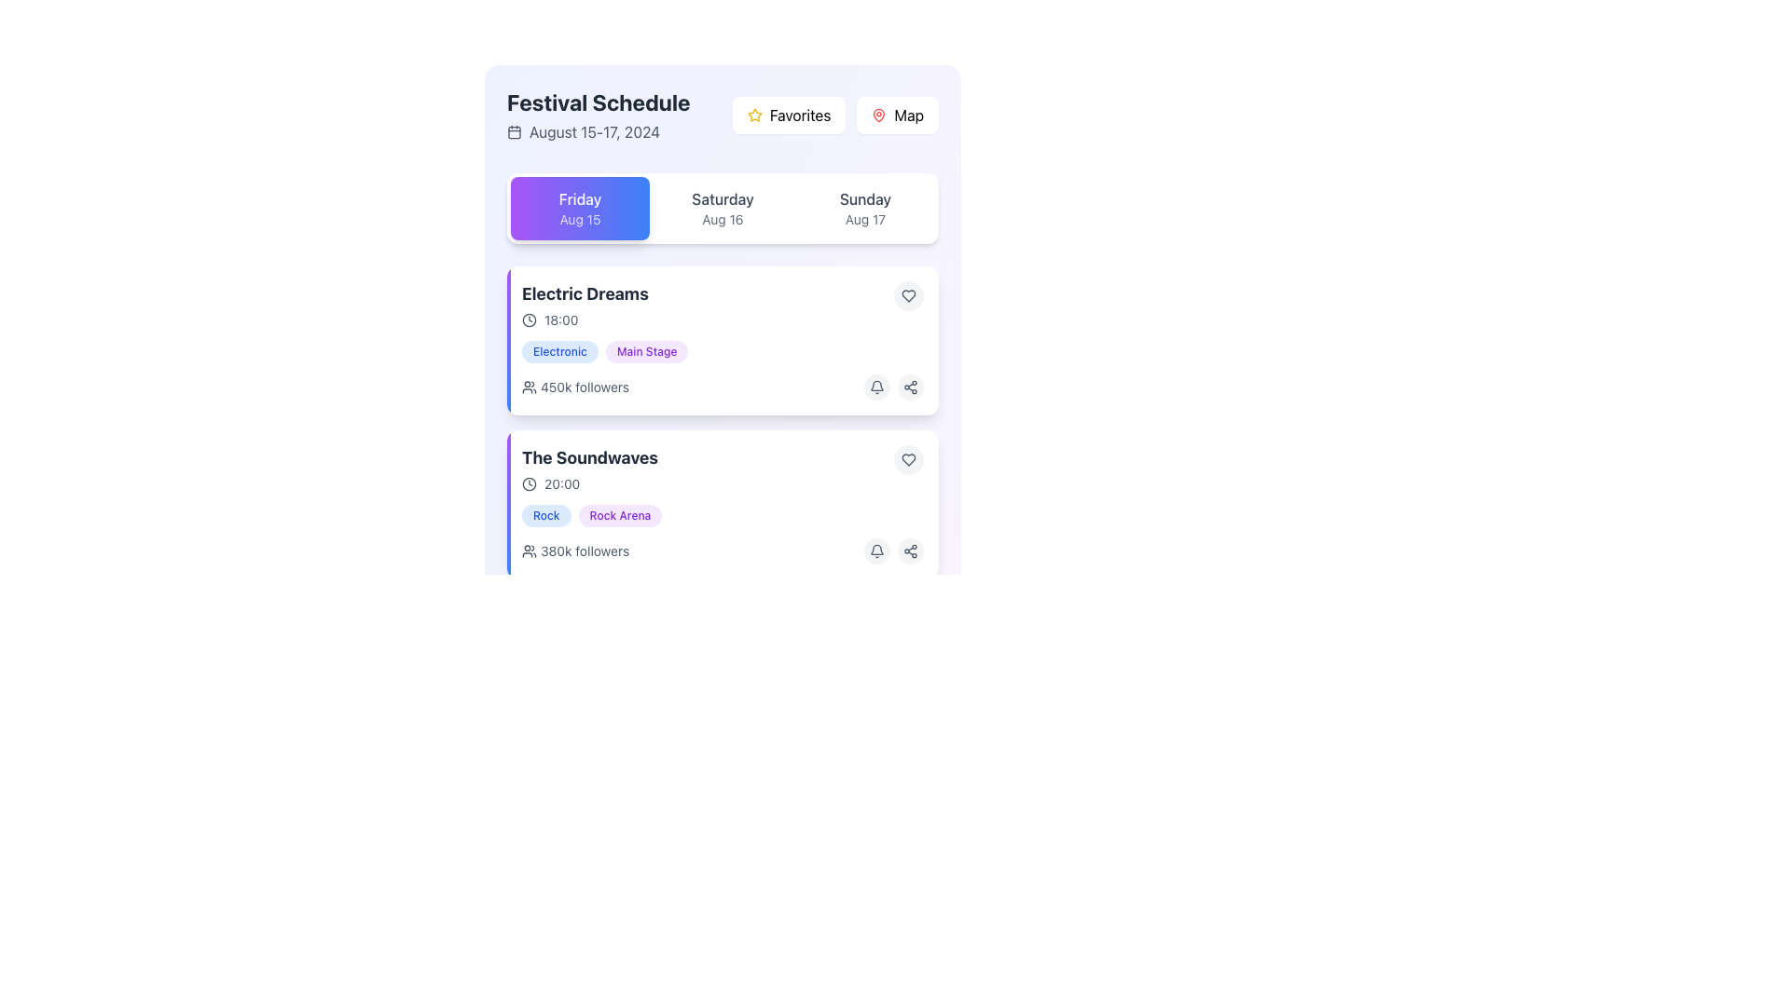 The image size is (1790, 1006). Describe the element at coordinates (908, 459) in the screenshot. I see `the 'favorite' button for the event 'The Soundwaves'` at that location.